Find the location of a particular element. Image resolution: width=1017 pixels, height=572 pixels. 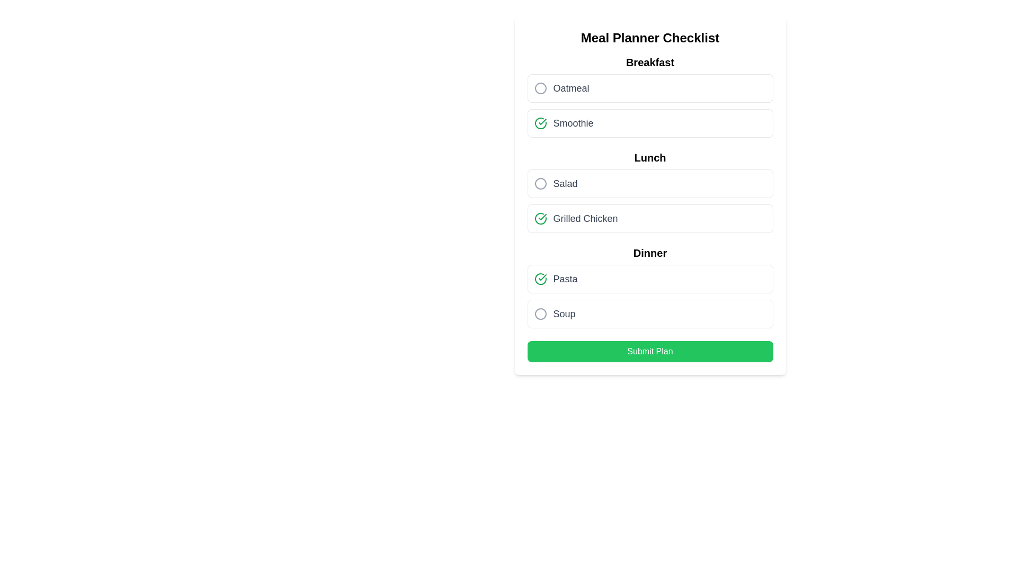

the 'Dinner' List group containing selectable items 'Pasta' and 'Soup' is located at coordinates (649, 287).